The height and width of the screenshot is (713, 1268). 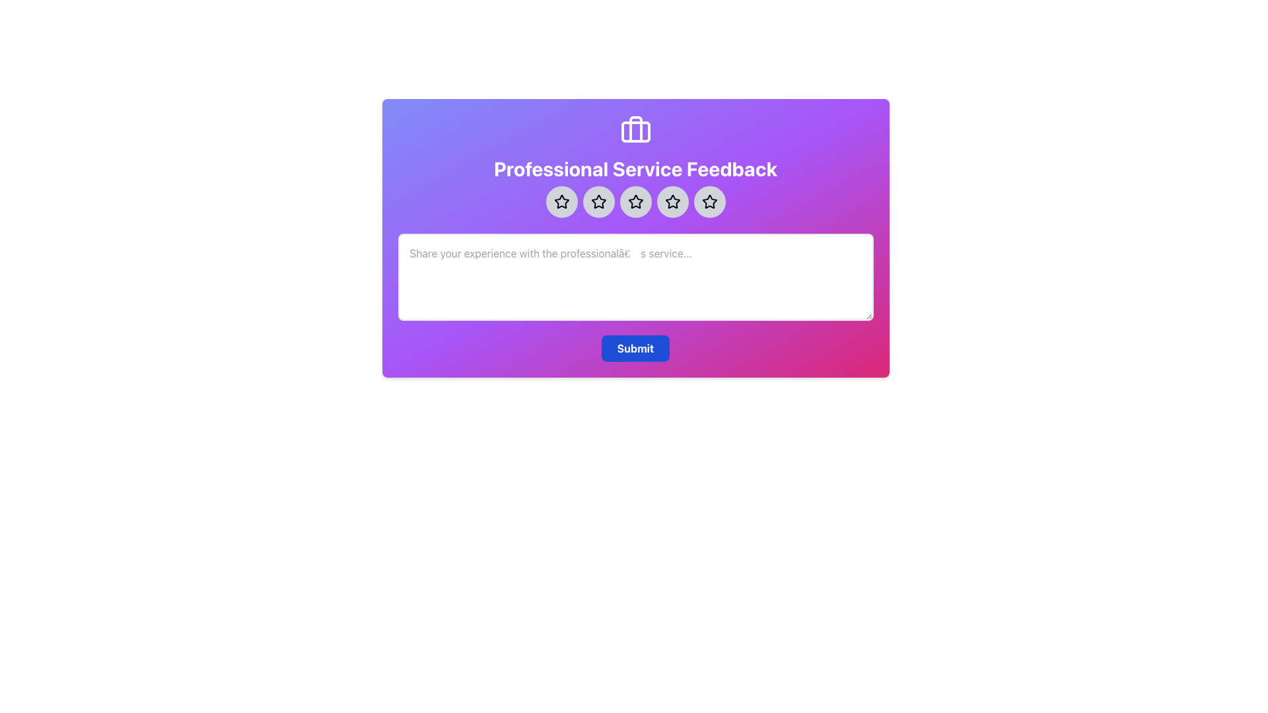 I want to click on the decorative icon segment located above the 'Professional Service Feedback' heading, which is a vertical segment within the icon's structure, so click(x=635, y=129).